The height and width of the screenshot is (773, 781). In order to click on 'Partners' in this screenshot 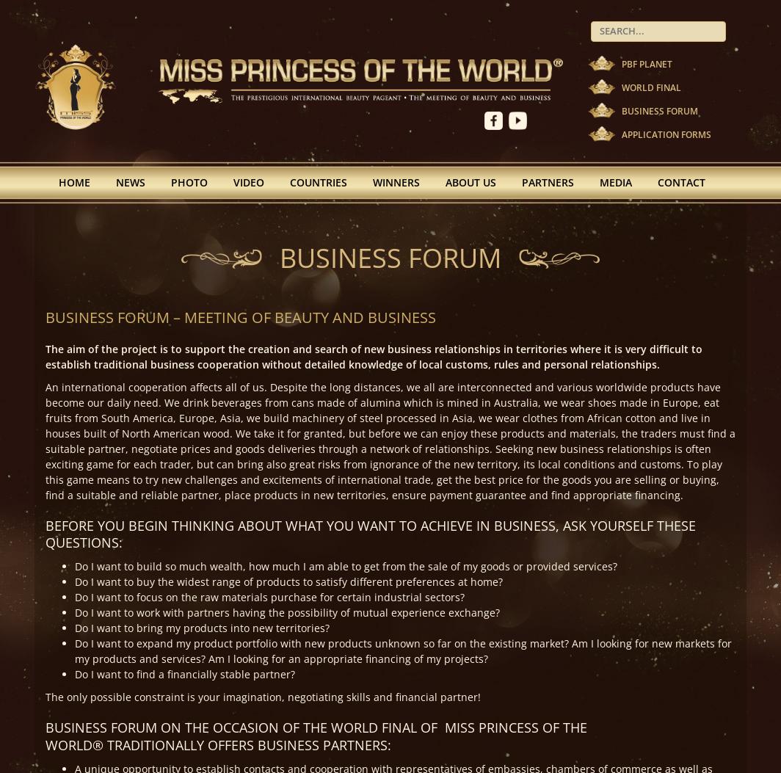, I will do `click(548, 181)`.